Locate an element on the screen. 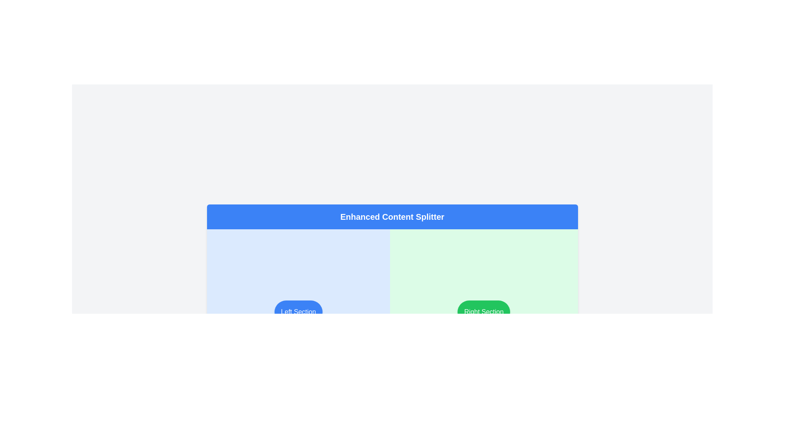  the 'Right Section' button using keyboard navigation is located at coordinates (484, 312).